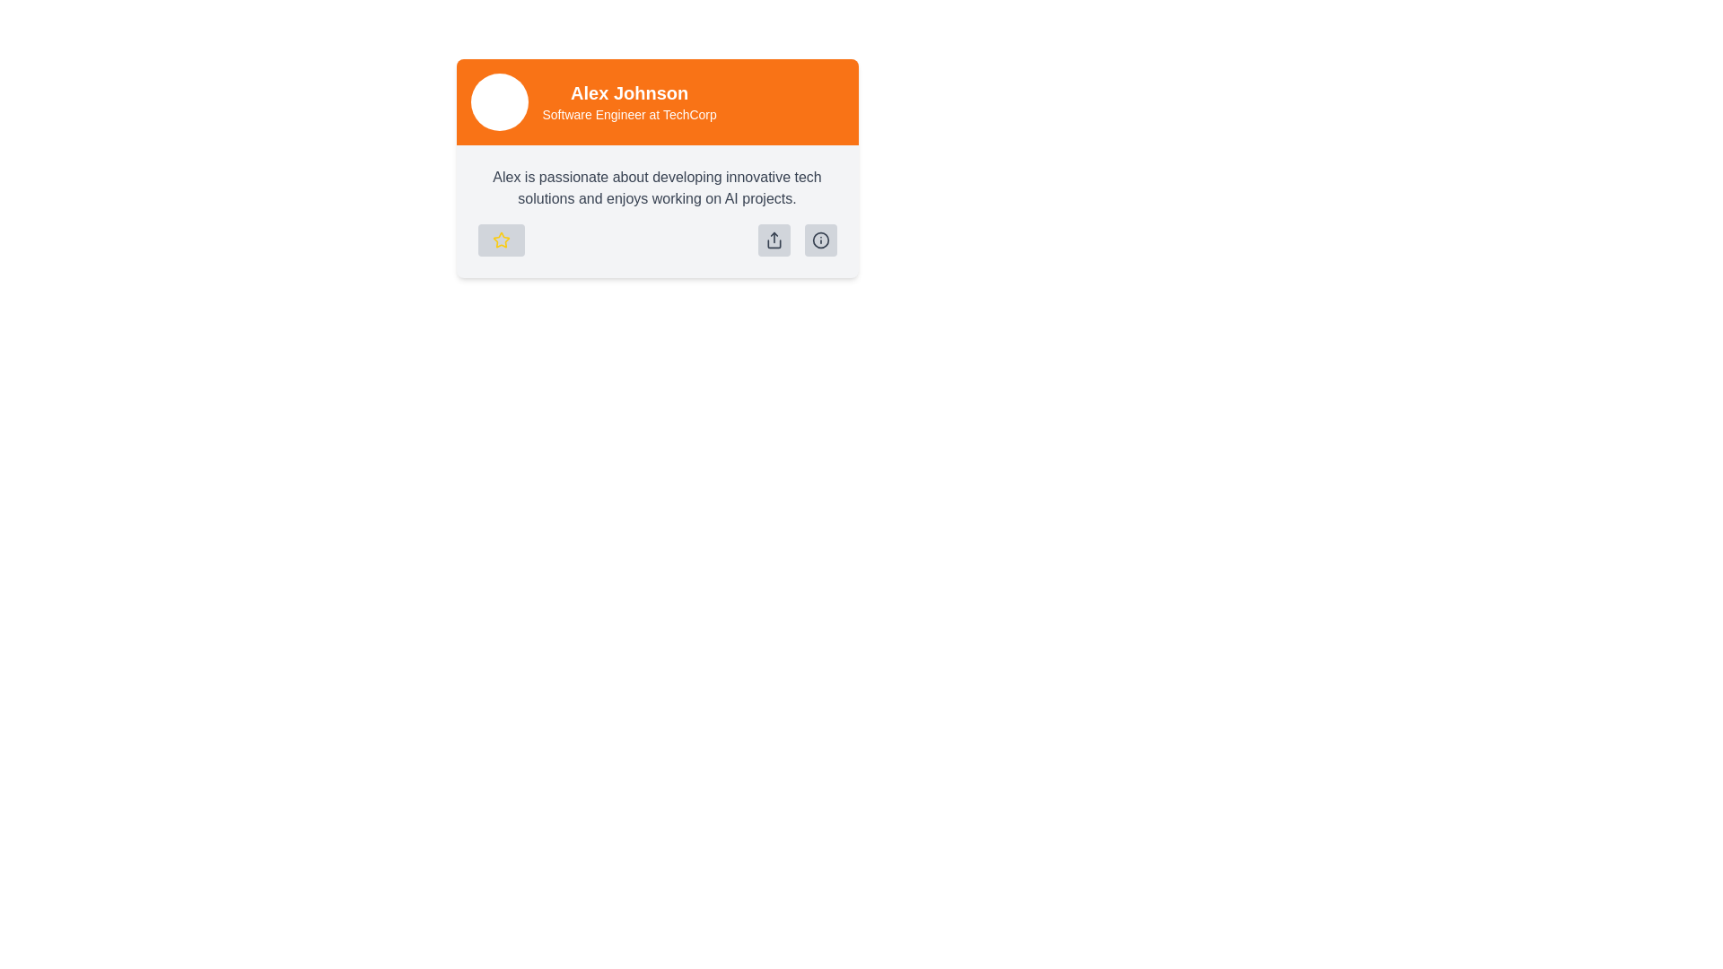 Image resolution: width=1723 pixels, height=969 pixels. What do you see at coordinates (774, 239) in the screenshot?
I see `the 'Share' icon located between the star icon and the information icon at the bottom of the card component` at bounding box center [774, 239].